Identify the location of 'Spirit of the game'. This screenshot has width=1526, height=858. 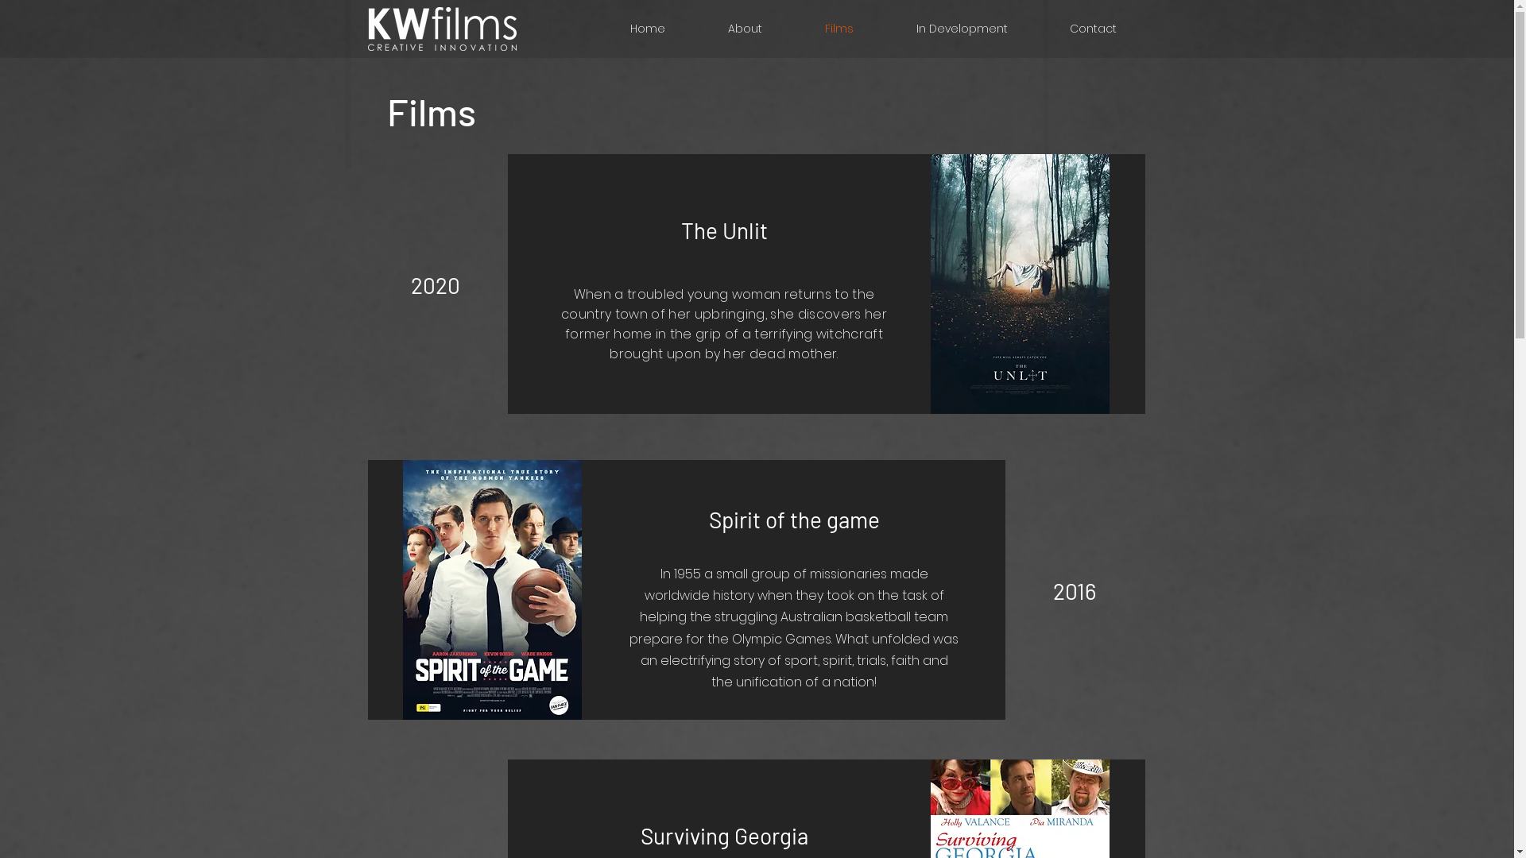
(794, 520).